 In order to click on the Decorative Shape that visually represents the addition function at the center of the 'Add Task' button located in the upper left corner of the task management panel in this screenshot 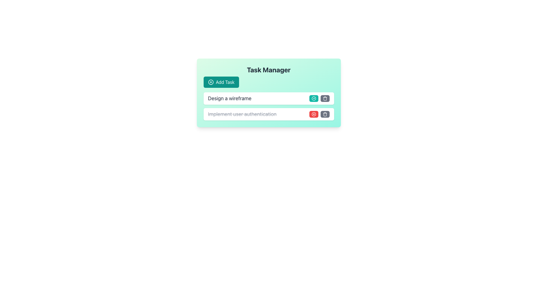, I will do `click(210, 82)`.